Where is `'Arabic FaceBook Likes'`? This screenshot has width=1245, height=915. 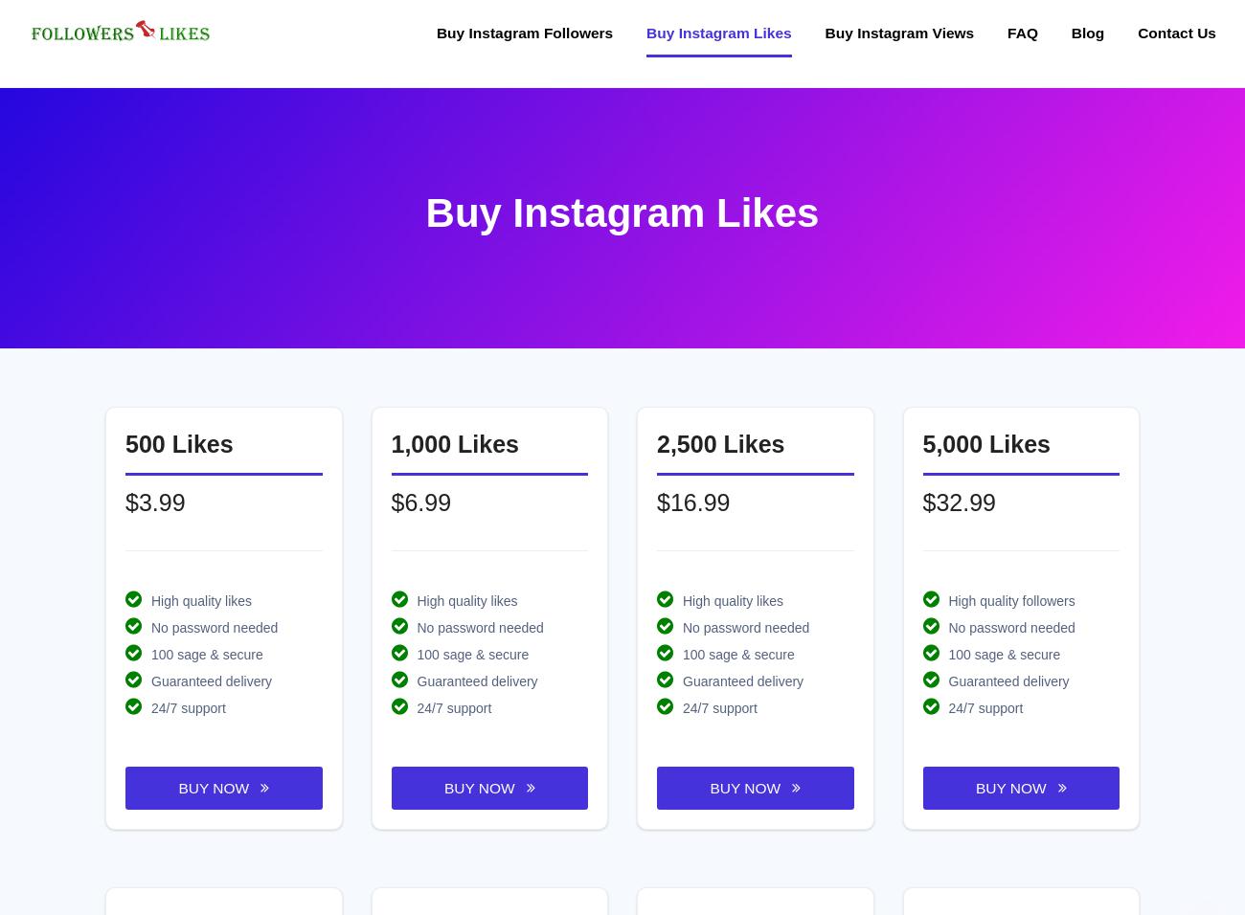
'Arabic FaceBook Likes' is located at coordinates (438, 797).